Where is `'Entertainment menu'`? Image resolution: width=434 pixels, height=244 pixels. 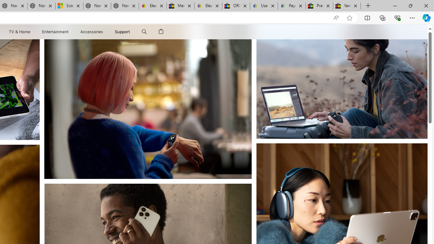
'Entertainment menu' is located at coordinates (70, 32).